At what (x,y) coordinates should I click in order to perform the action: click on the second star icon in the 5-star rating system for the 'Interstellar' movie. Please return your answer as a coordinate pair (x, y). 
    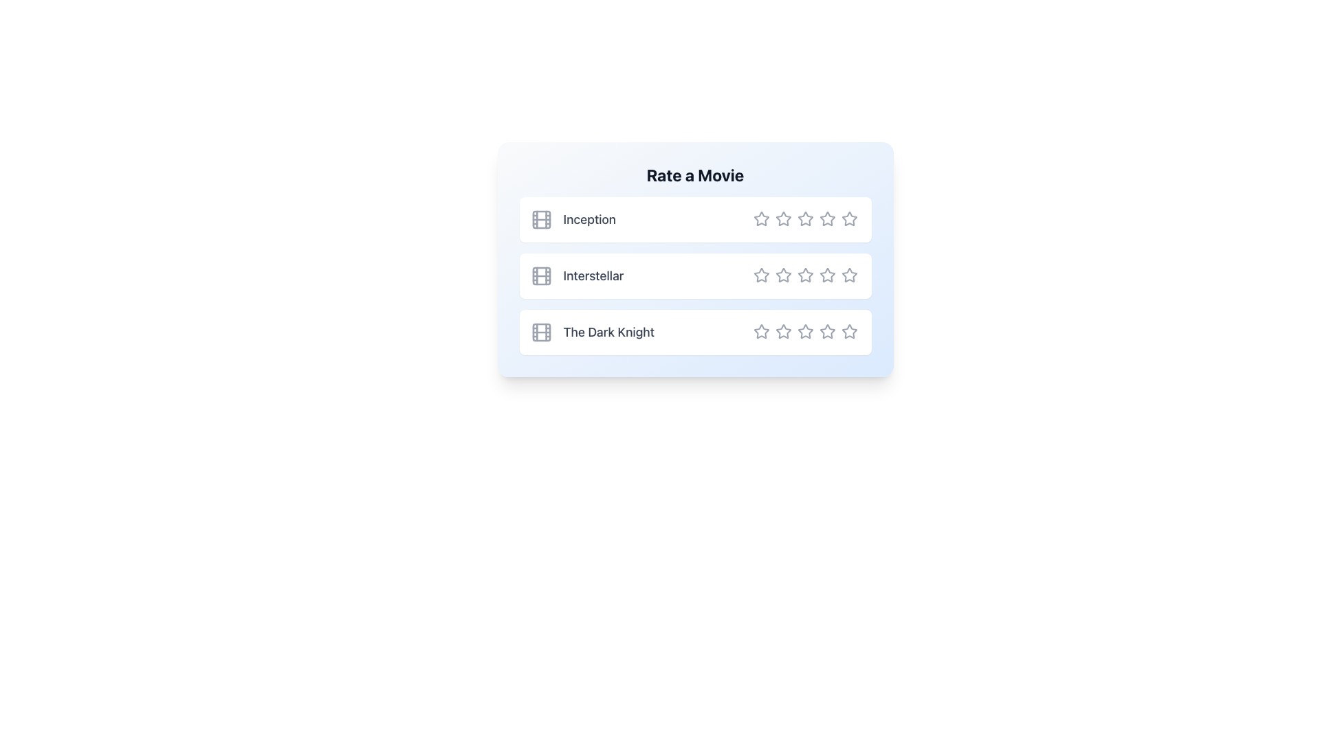
    Looking at the image, I should click on (783, 276).